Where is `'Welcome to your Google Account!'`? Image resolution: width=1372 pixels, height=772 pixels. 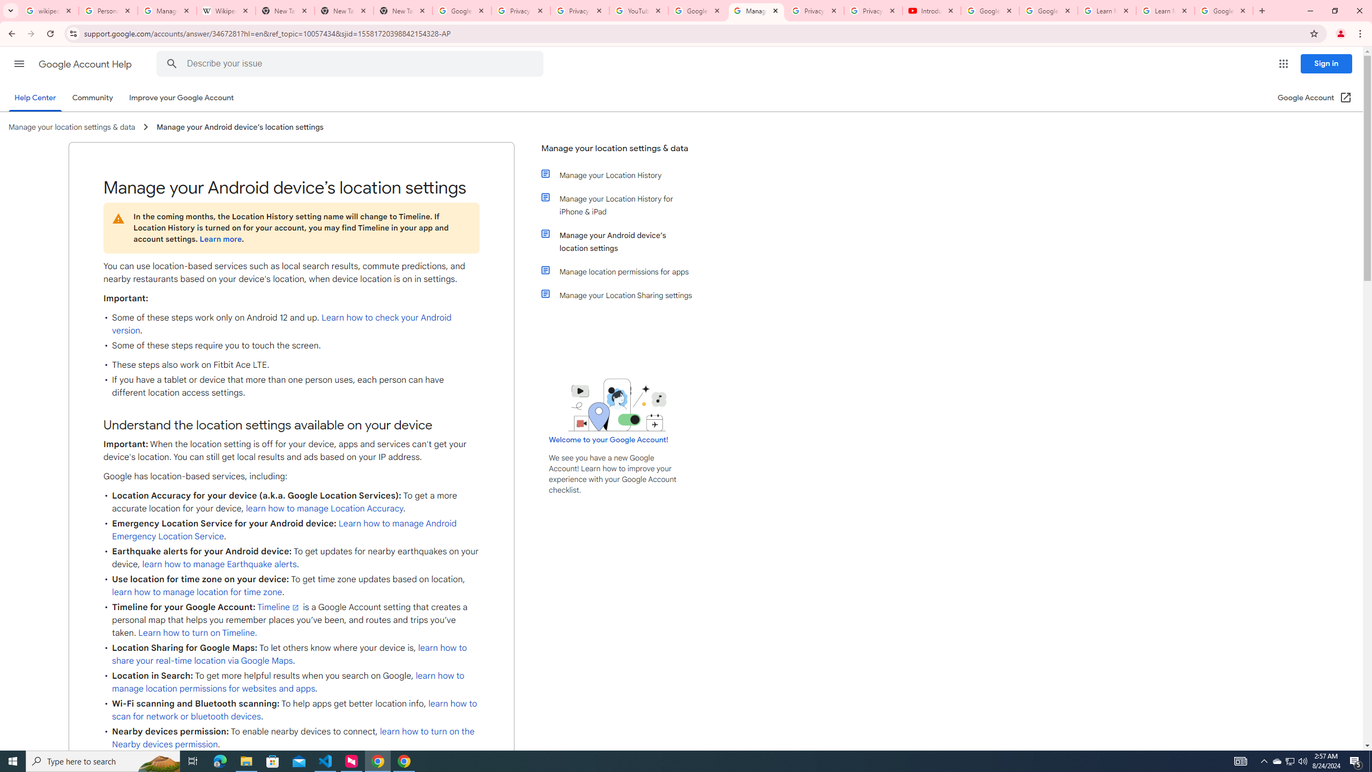
'Welcome to your Google Account!' is located at coordinates (608, 439).